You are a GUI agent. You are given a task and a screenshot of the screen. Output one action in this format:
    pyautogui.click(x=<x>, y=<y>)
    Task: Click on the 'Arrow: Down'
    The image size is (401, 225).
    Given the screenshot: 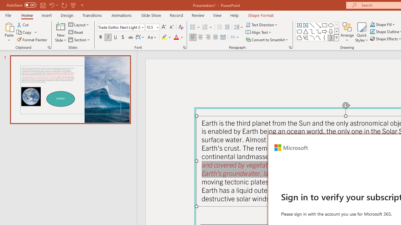 What is the action you would take?
    pyautogui.click(x=331, y=31)
    